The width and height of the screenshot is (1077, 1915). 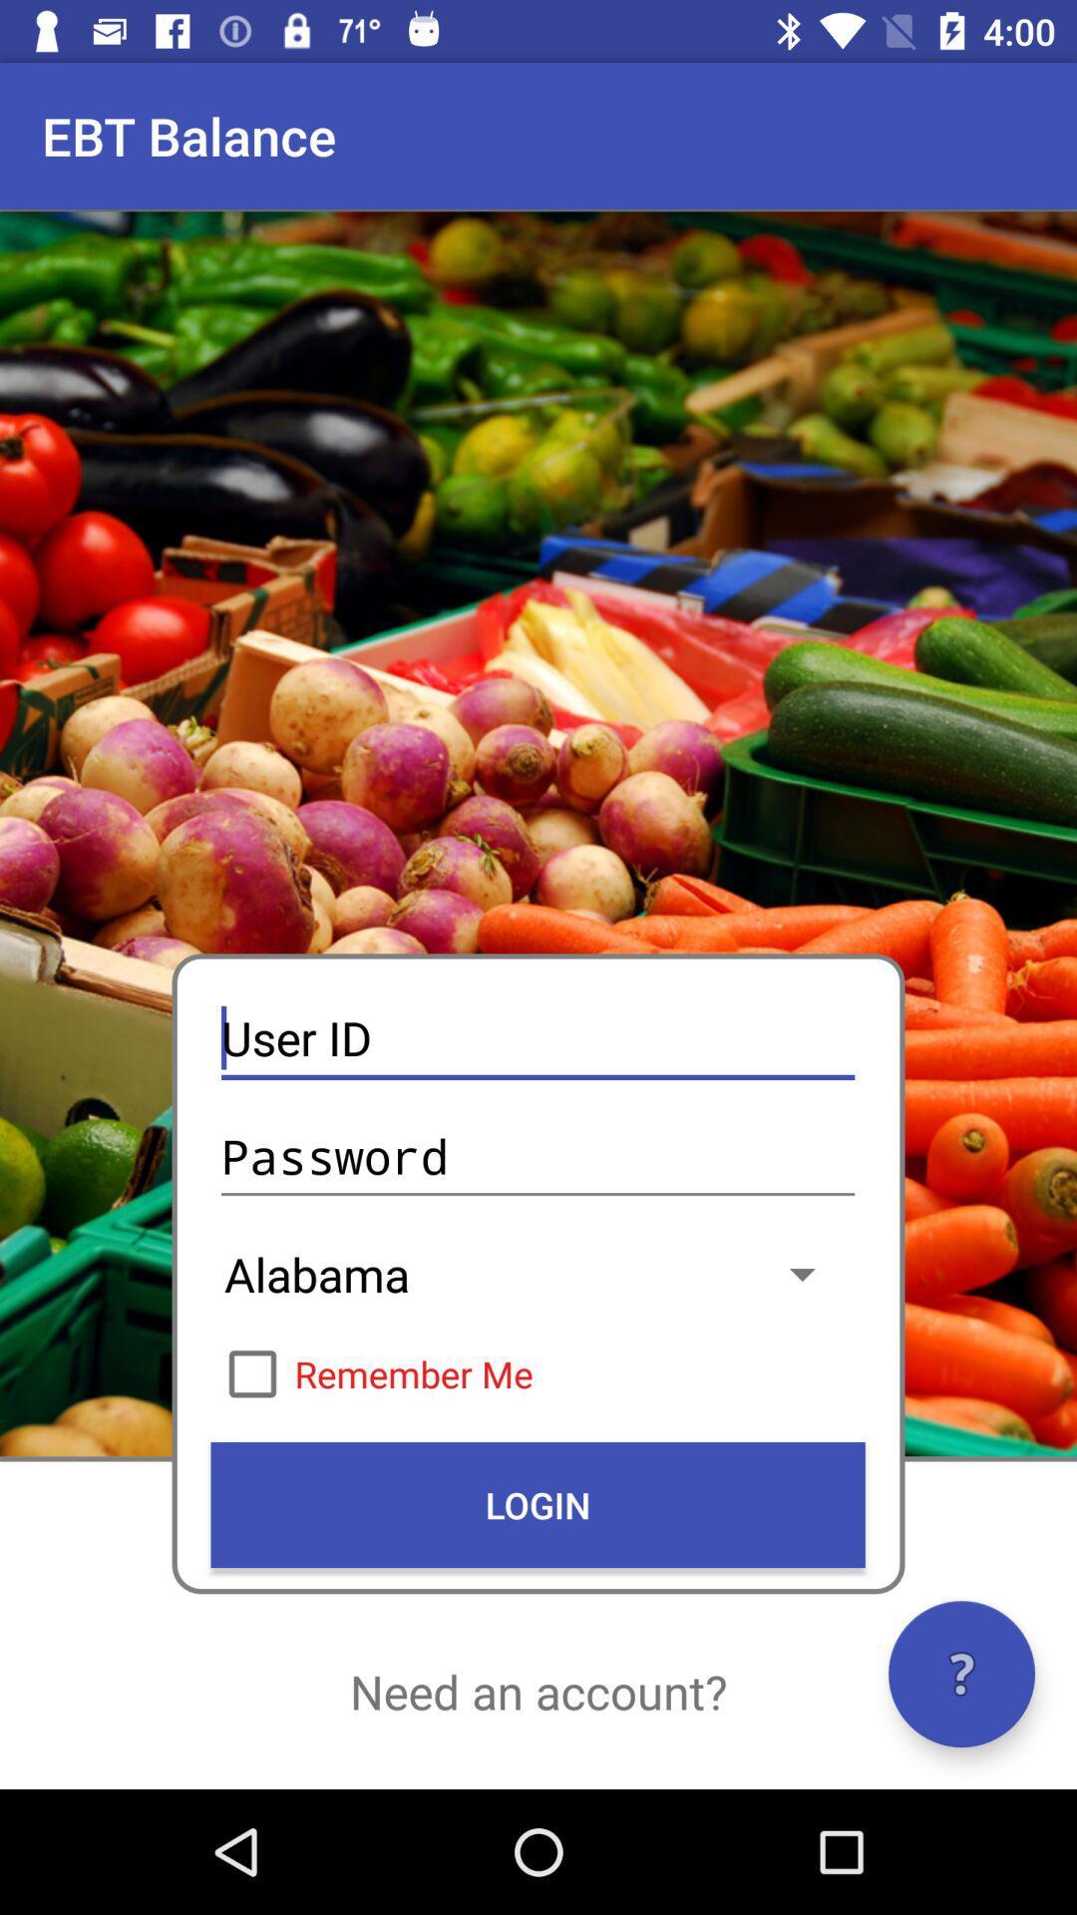 What do you see at coordinates (537, 1157) in the screenshot?
I see `item above alabama` at bounding box center [537, 1157].